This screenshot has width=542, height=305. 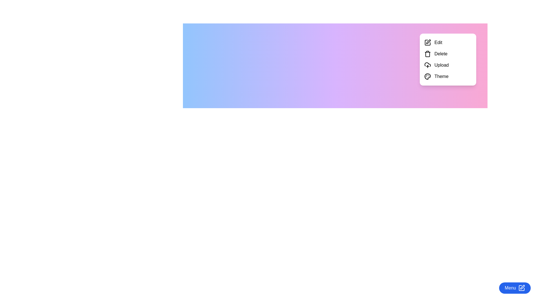 I want to click on the 'Menu' button to toggle the main menu visibility, so click(x=515, y=288).